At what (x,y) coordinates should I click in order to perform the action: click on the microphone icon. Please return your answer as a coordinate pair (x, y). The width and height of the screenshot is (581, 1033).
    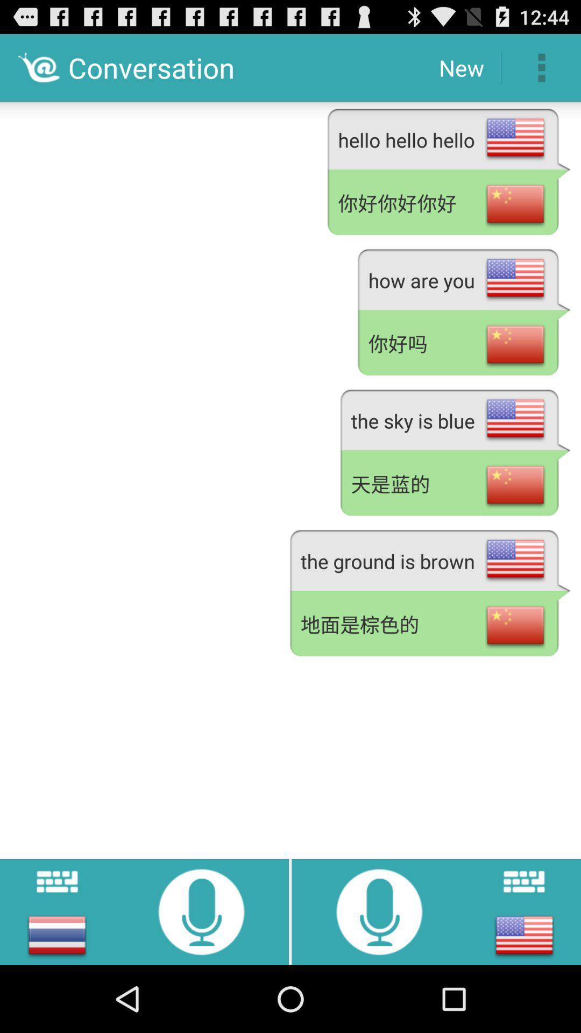
    Looking at the image, I should click on (379, 976).